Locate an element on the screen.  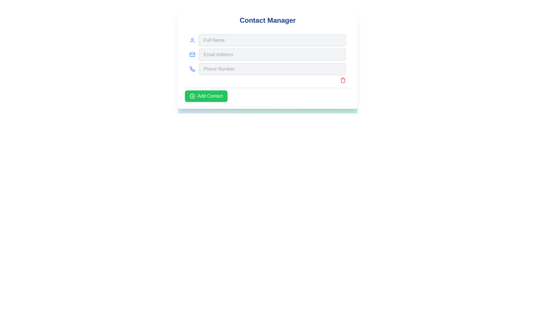
the phone number input field in the 'Contact Manager' form to focus and start typing is located at coordinates (267, 69).